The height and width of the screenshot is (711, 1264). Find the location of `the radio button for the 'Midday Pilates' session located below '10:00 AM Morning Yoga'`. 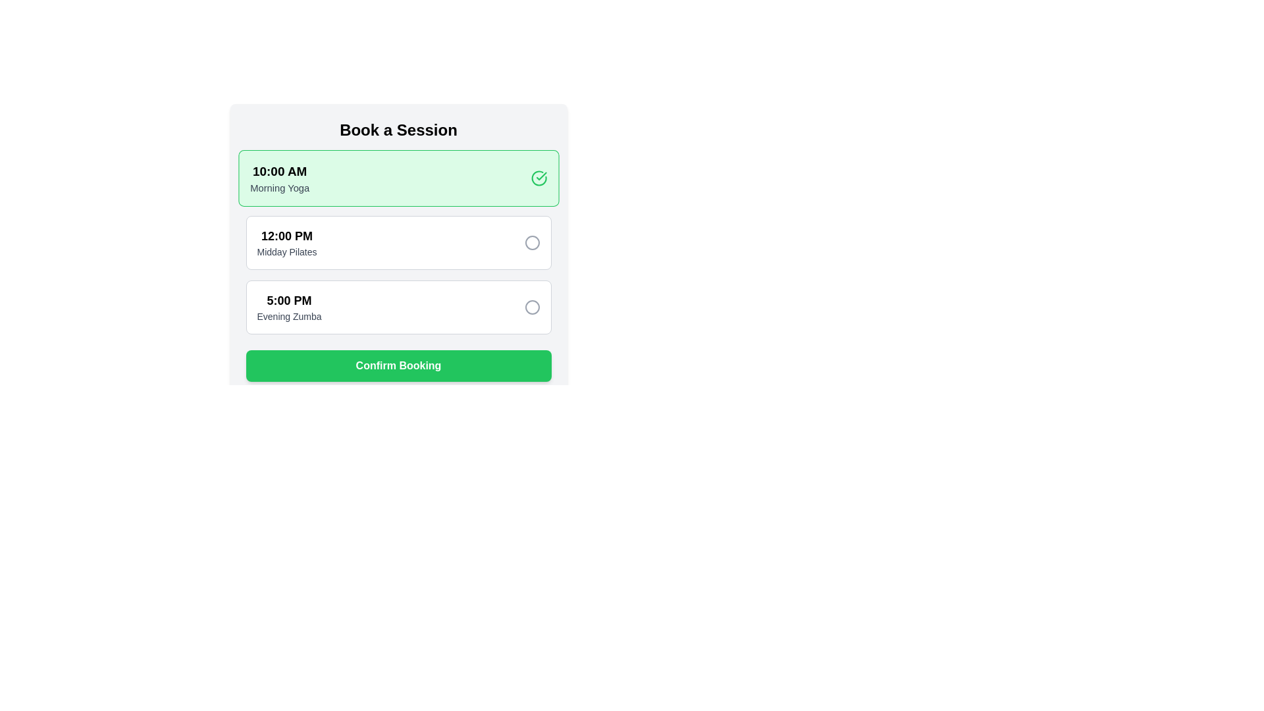

the radio button for the 'Midday Pilates' session located below '10:00 AM Morning Yoga' is located at coordinates (398, 243).